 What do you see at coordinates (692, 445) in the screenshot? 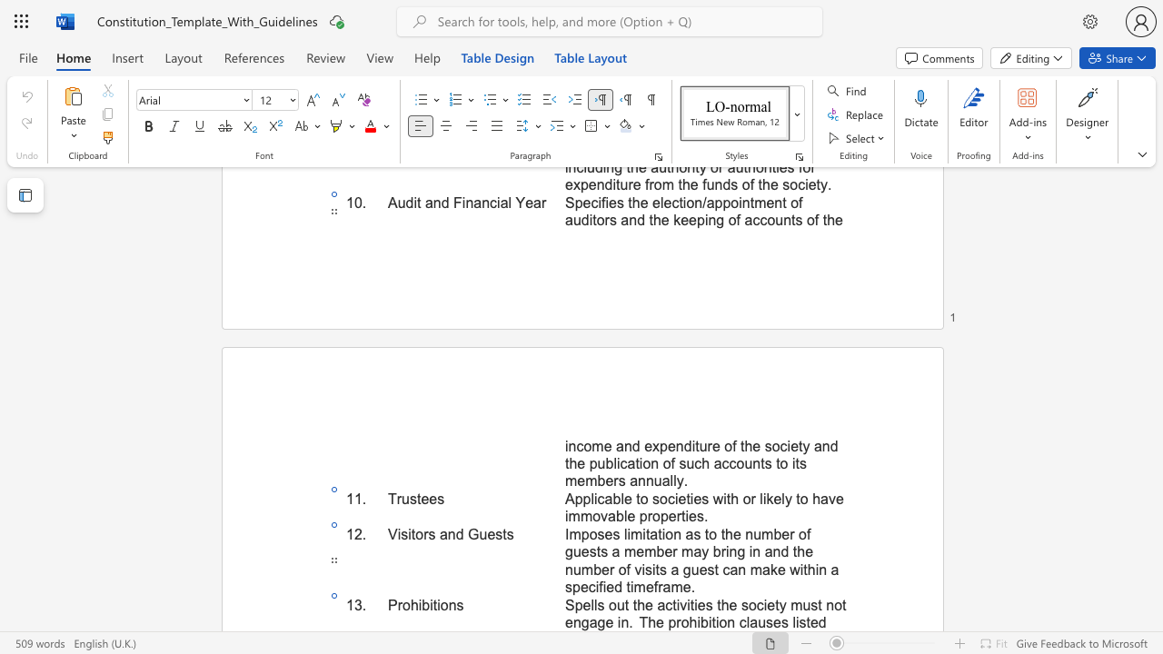
I see `the 2th character "i" in the text` at bounding box center [692, 445].